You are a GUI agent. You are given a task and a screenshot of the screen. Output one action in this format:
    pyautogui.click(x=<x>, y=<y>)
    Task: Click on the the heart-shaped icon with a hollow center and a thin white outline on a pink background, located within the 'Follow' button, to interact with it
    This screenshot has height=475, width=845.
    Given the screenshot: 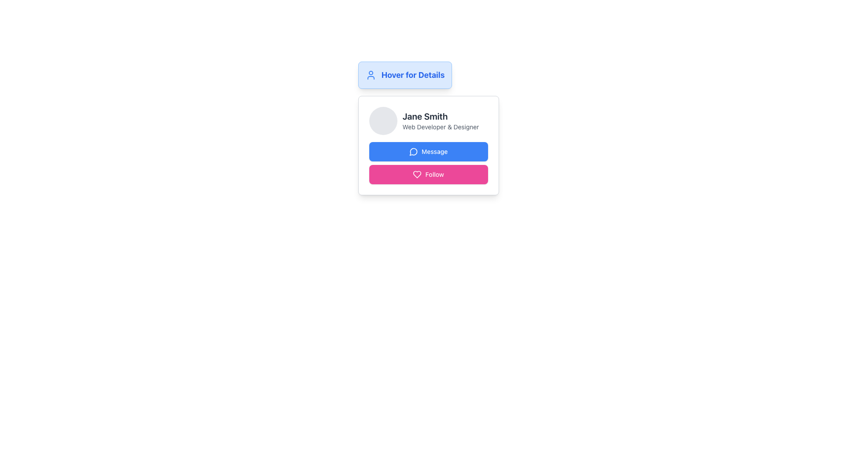 What is the action you would take?
    pyautogui.click(x=417, y=175)
    